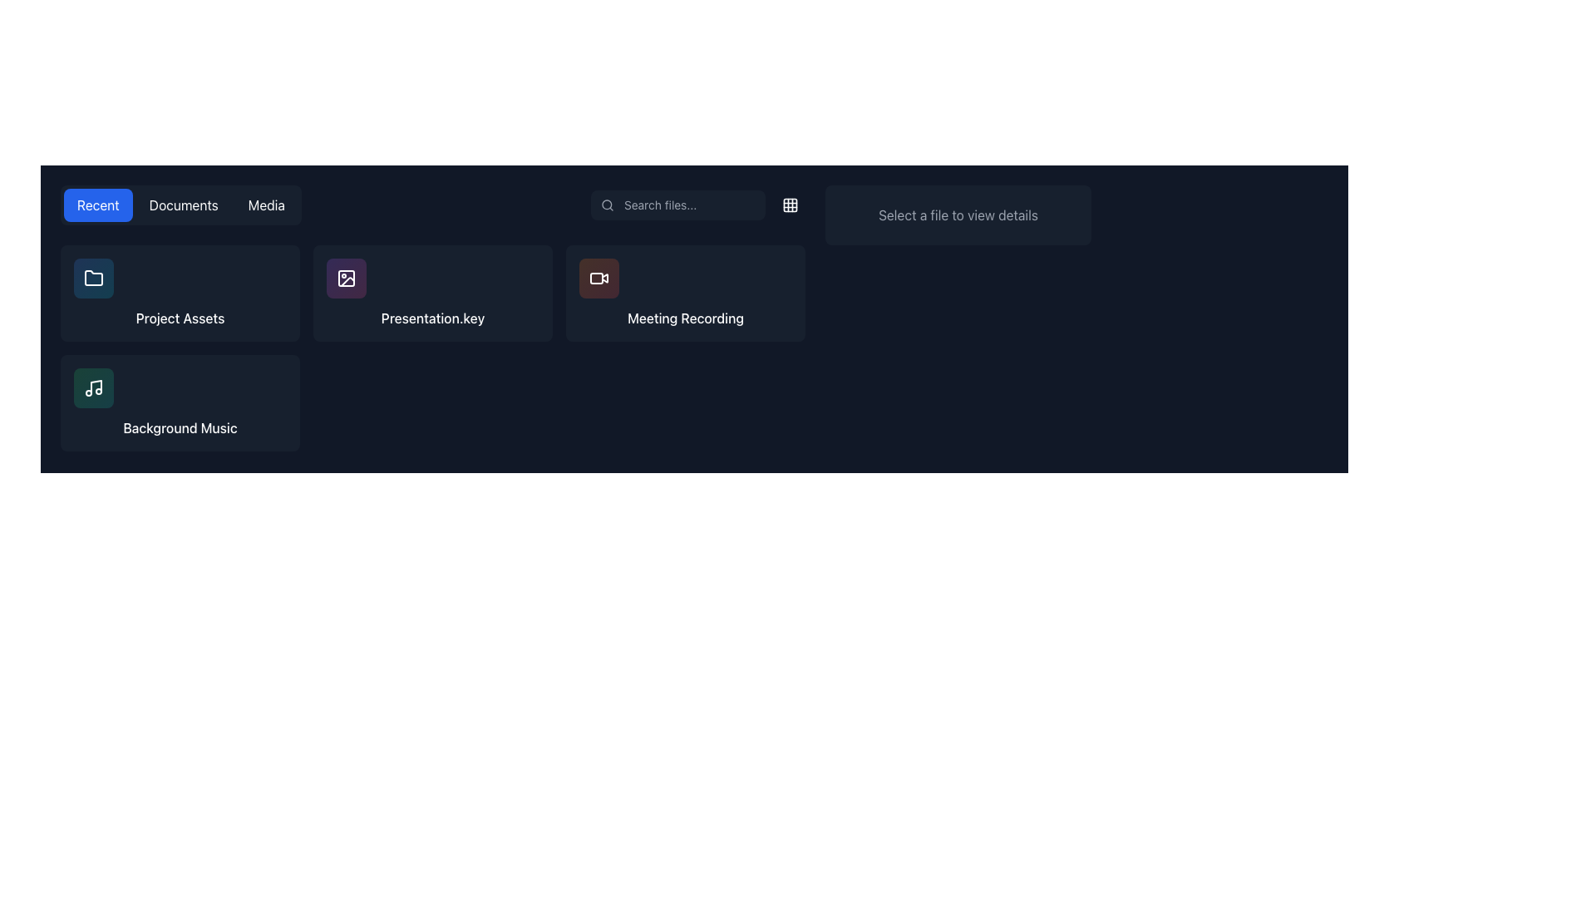 This screenshot has width=1596, height=898. I want to click on the green to teal gradient rounded square icon with a white music note in the center, located in the first column and second row of the grid below 'Project Assets', so click(93, 387).